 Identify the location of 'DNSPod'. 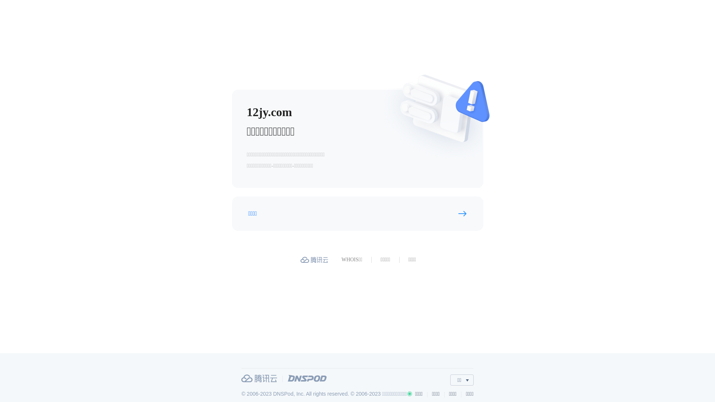
(287, 378).